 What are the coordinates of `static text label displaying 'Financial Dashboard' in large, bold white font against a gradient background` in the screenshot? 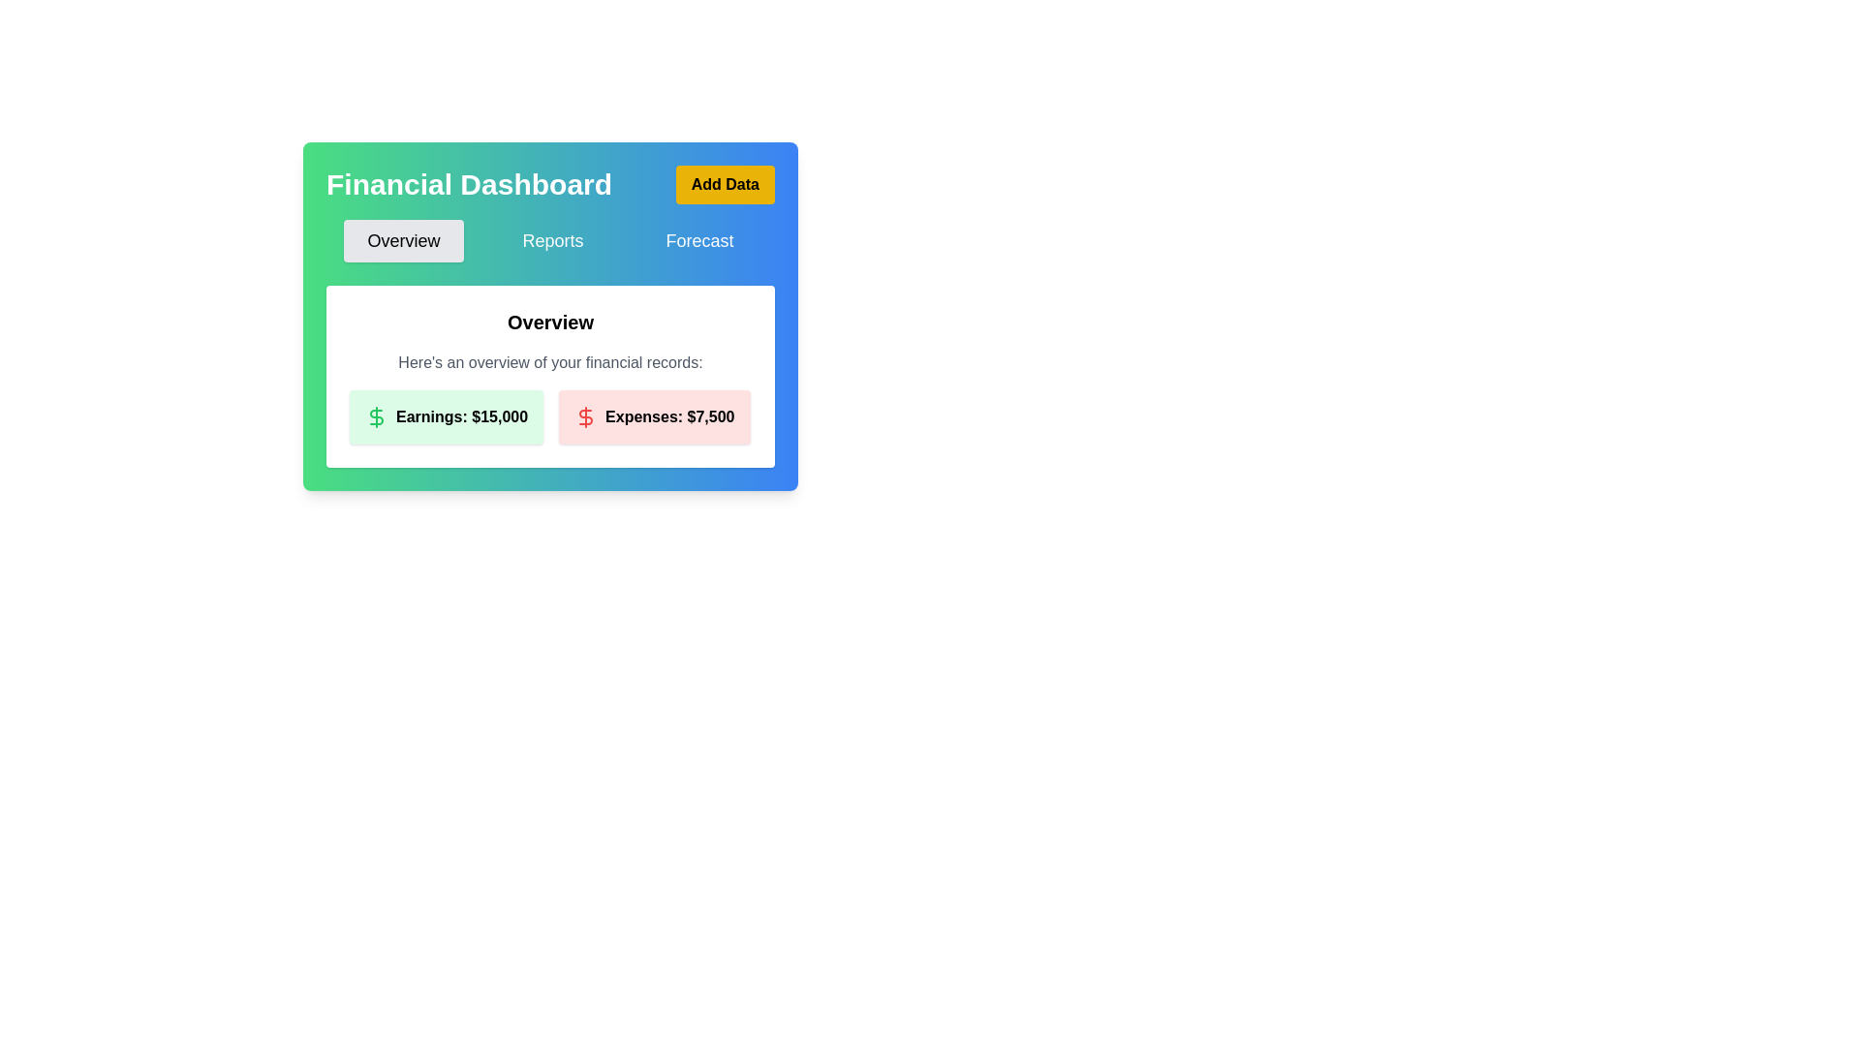 It's located at (469, 185).